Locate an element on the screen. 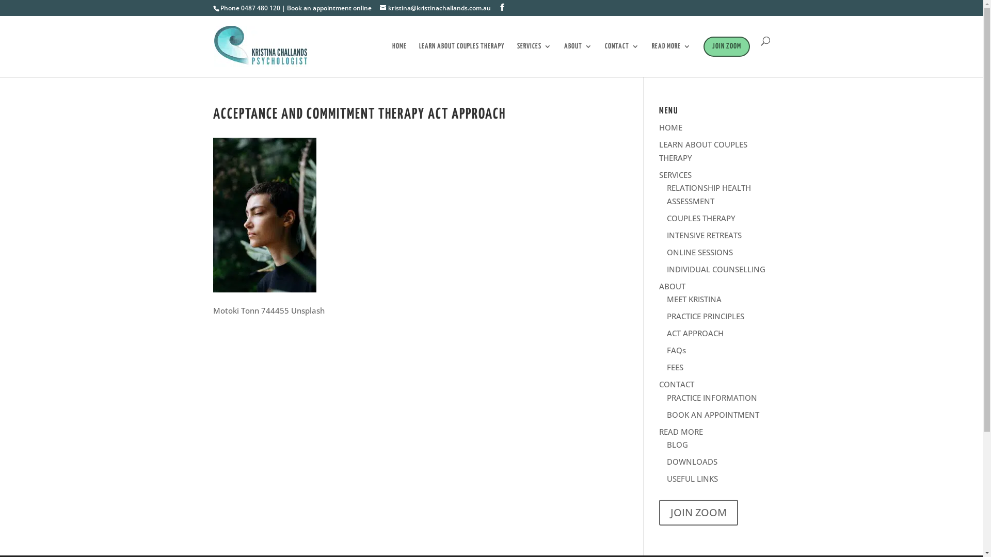  'MEET KRISTINA' is located at coordinates (666, 299).